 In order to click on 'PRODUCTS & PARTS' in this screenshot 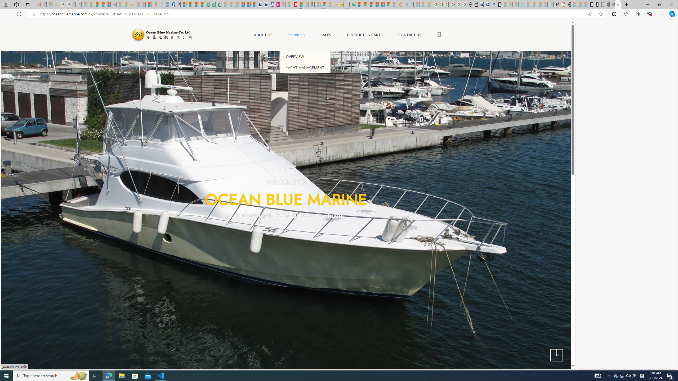, I will do `click(365, 35)`.